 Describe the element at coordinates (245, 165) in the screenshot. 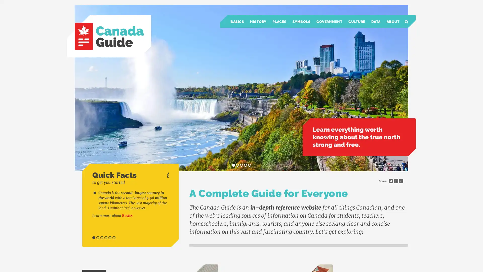

I see `Go to slide 4` at that location.